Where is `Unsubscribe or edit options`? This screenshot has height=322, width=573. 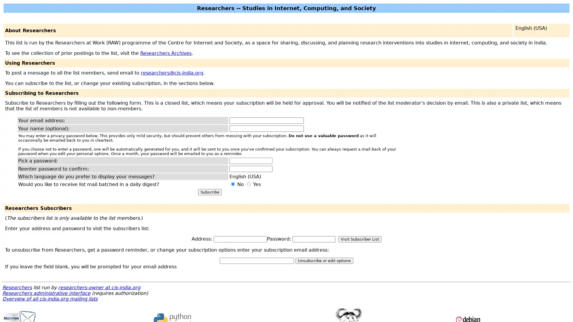 Unsubscribe or edit options is located at coordinates (324, 260).